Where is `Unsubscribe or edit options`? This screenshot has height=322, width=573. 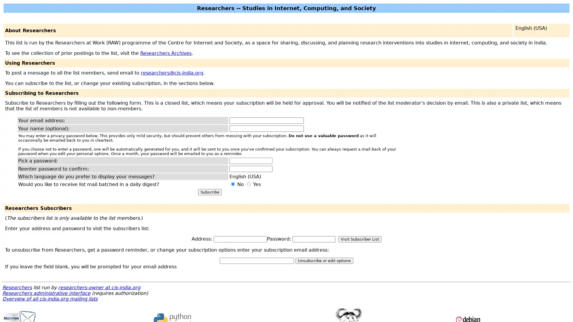 Unsubscribe or edit options is located at coordinates (324, 260).